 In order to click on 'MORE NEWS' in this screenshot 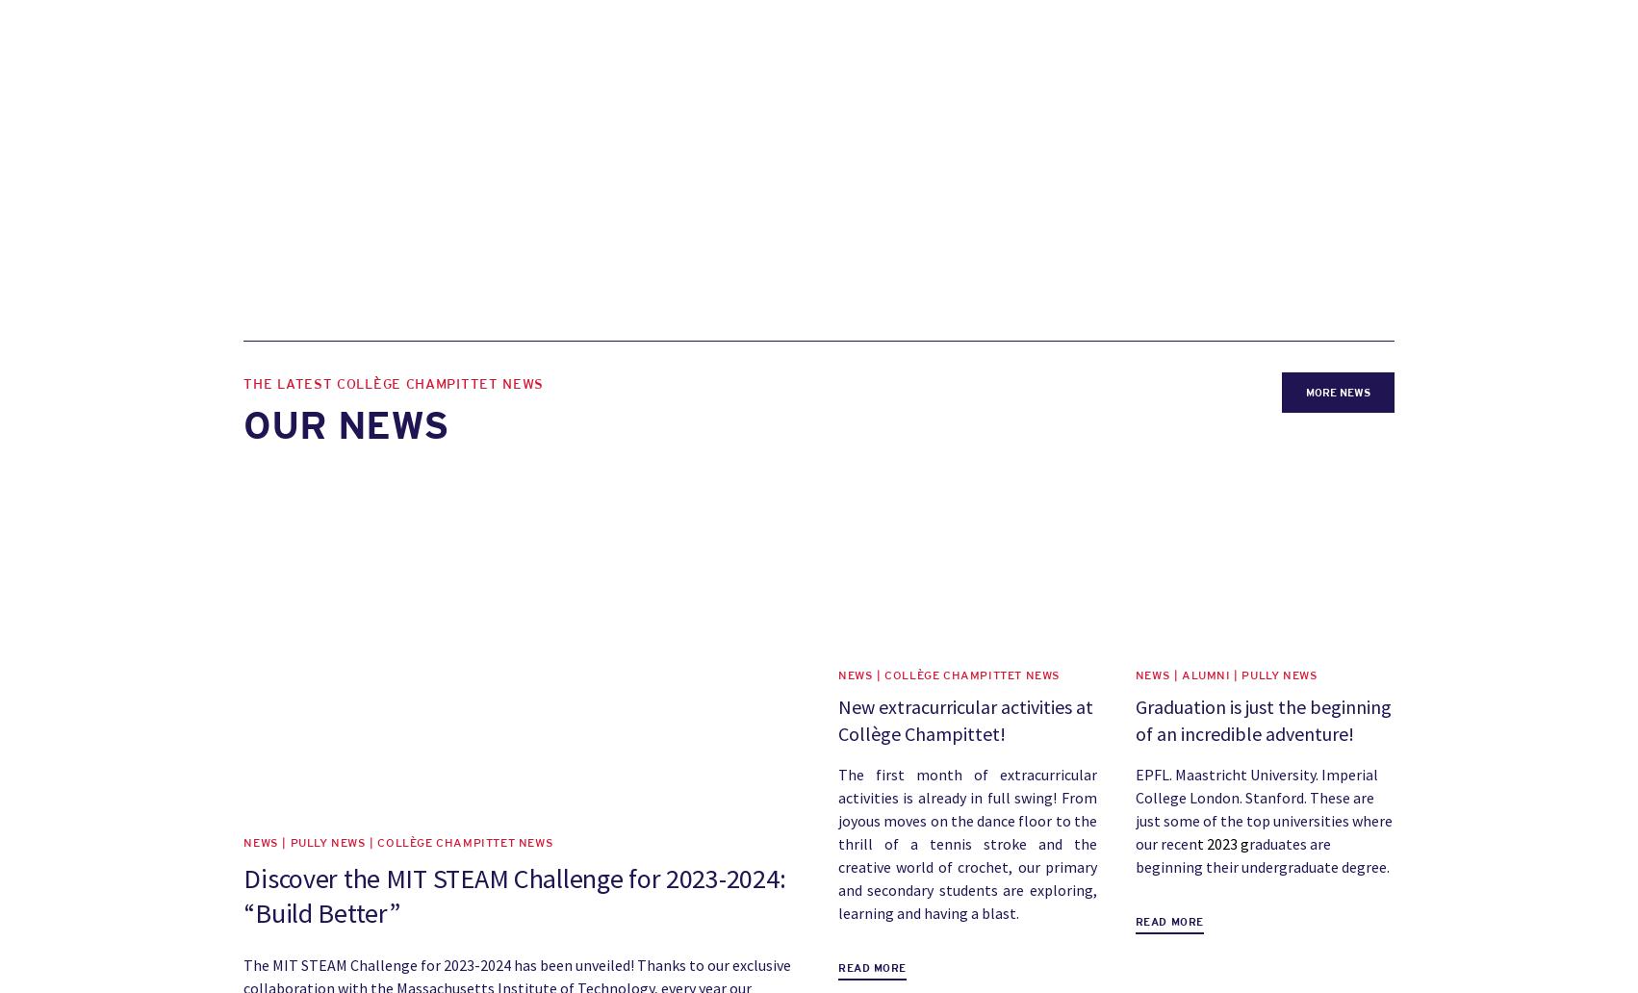, I will do `click(1336, 391)`.